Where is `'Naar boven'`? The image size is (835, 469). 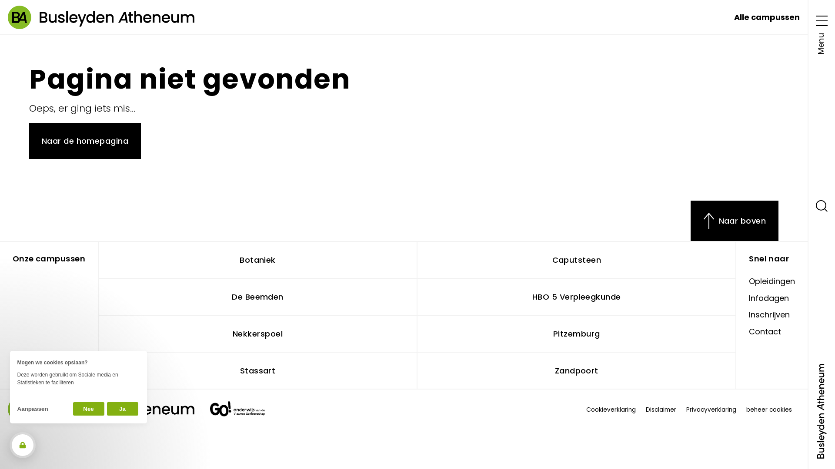 'Naar boven' is located at coordinates (690, 221).